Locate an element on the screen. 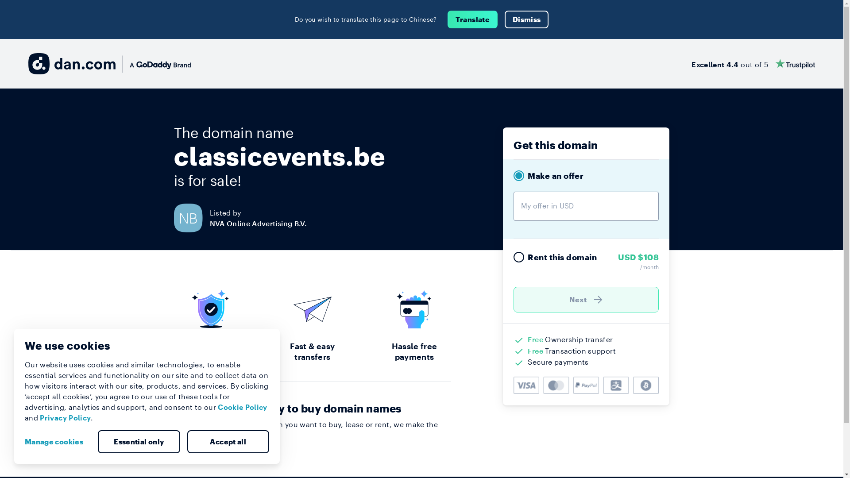 This screenshot has width=850, height=478. 'Accept all' is located at coordinates (186, 442).